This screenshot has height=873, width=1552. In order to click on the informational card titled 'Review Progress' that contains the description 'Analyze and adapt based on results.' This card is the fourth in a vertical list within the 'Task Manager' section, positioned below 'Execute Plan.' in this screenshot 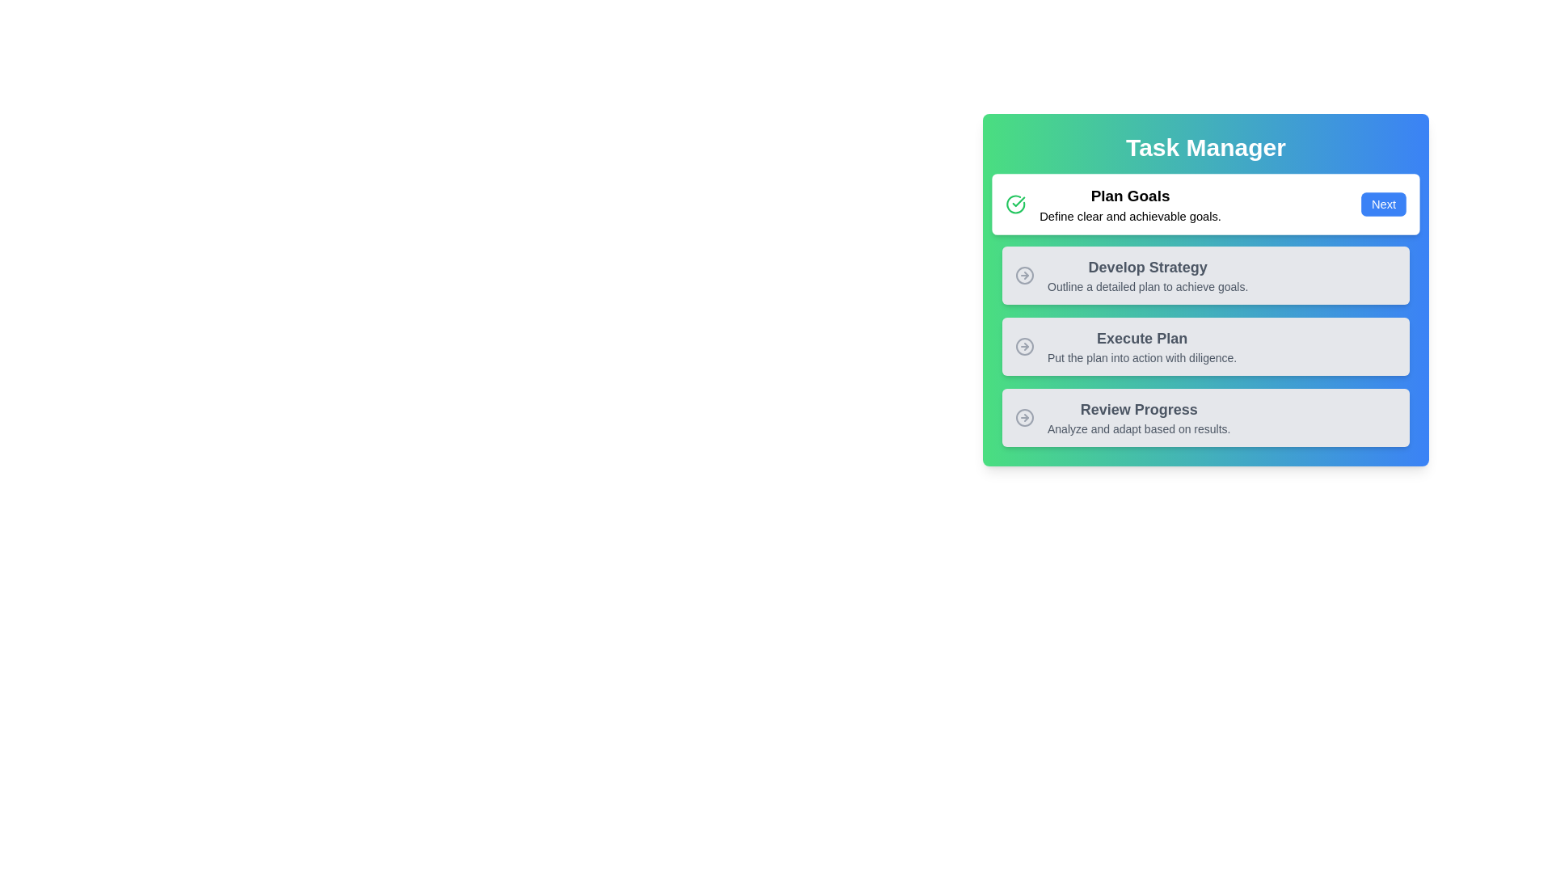, I will do `click(1206, 416)`.